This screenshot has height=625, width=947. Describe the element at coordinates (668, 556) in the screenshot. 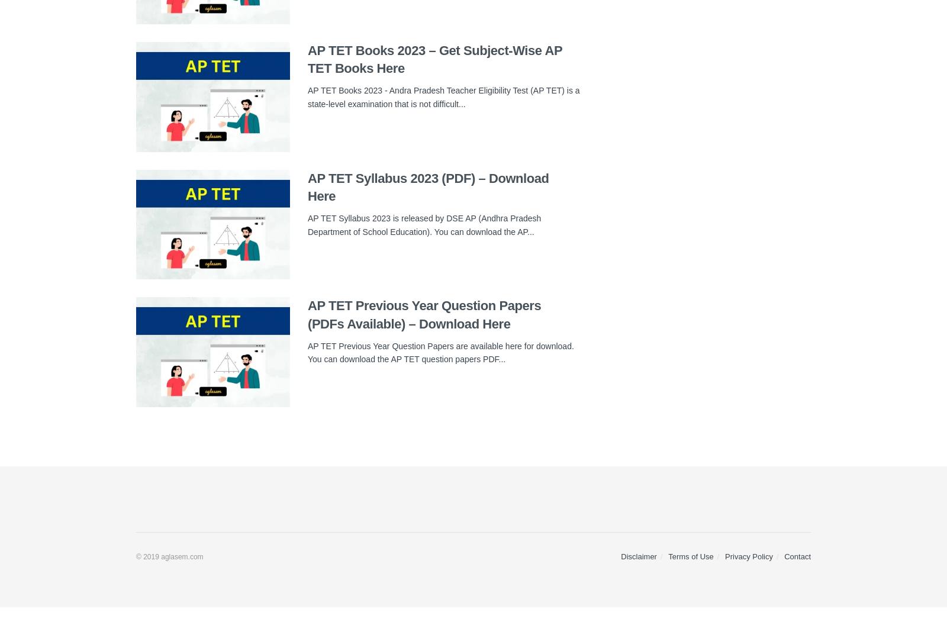

I see `'Terms of Use'` at that location.